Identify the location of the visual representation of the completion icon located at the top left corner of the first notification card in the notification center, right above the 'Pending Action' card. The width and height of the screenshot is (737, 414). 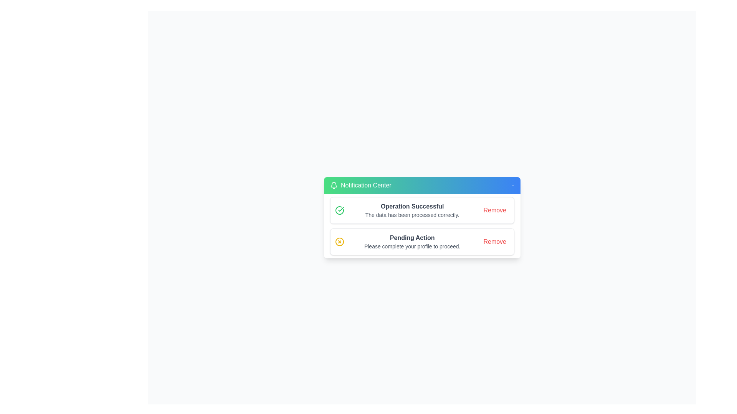
(339, 210).